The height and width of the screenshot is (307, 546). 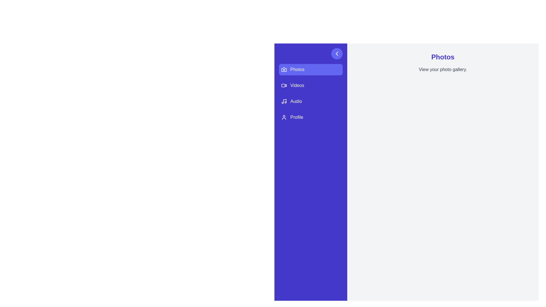 I want to click on the static text header 'Photos' which is a large, bold, indigo colored text located prominently at the top of its section, so click(x=442, y=57).